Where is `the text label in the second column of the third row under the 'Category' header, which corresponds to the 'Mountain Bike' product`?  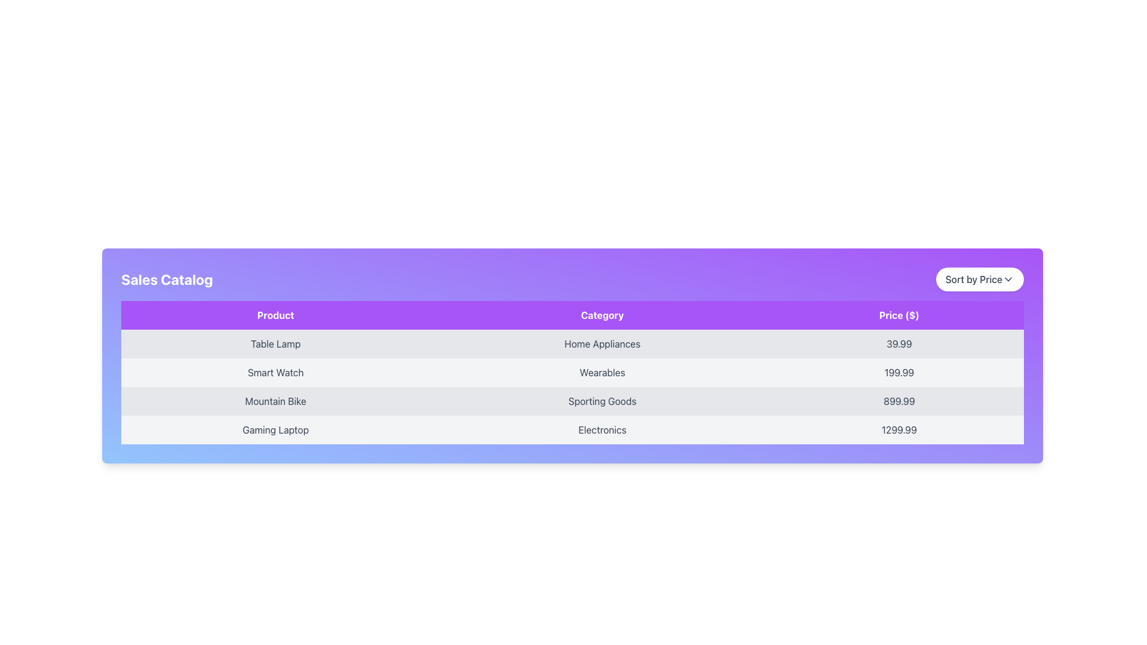
the text label in the second column of the third row under the 'Category' header, which corresponds to the 'Mountain Bike' product is located at coordinates (602, 401).